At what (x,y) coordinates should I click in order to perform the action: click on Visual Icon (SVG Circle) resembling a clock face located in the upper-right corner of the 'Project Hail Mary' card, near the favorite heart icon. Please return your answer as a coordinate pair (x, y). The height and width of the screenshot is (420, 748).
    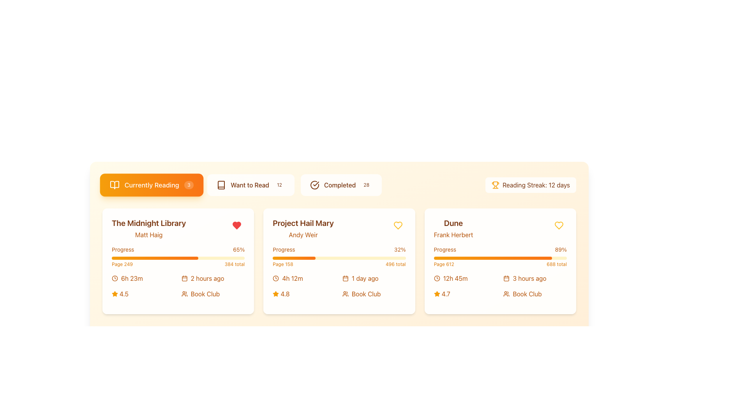
    Looking at the image, I should click on (276, 278).